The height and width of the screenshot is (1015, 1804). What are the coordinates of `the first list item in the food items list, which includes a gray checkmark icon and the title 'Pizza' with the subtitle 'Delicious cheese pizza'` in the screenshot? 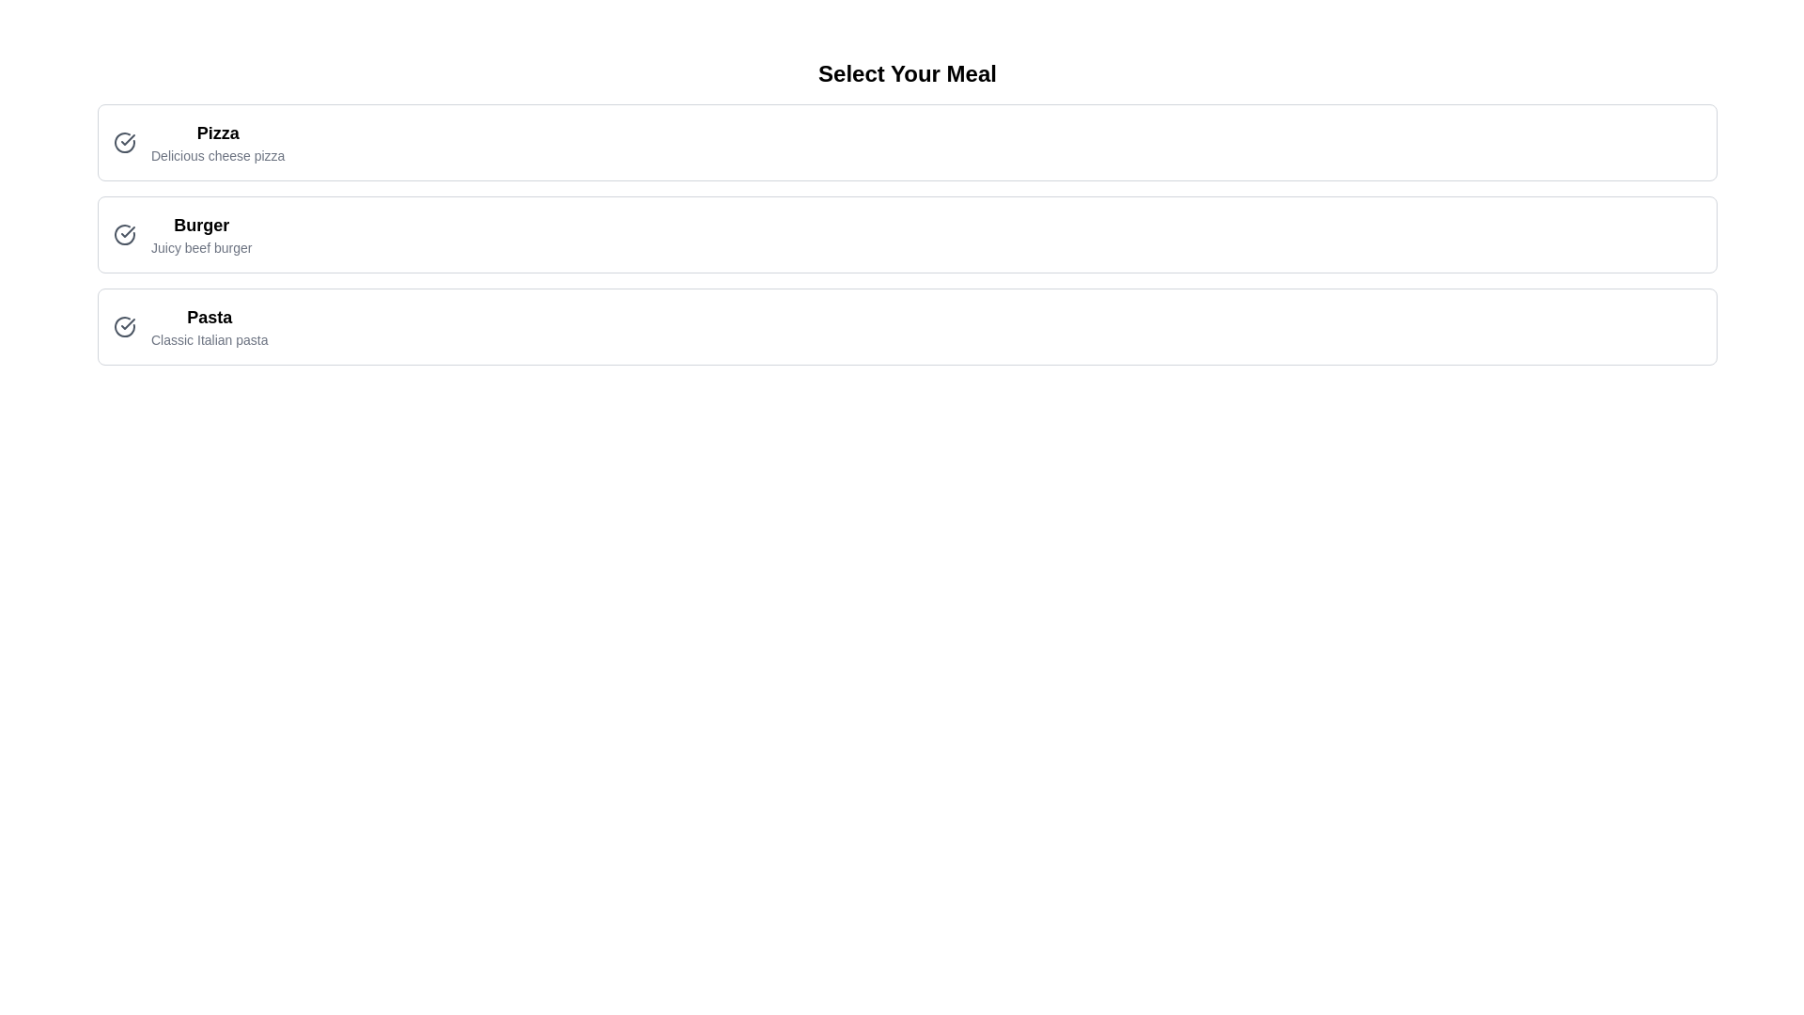 It's located at (199, 141).